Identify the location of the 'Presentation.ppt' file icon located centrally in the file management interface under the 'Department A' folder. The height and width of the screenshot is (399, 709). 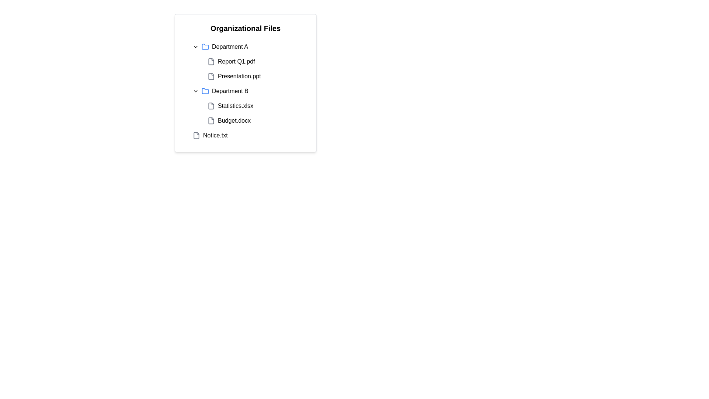
(210, 76).